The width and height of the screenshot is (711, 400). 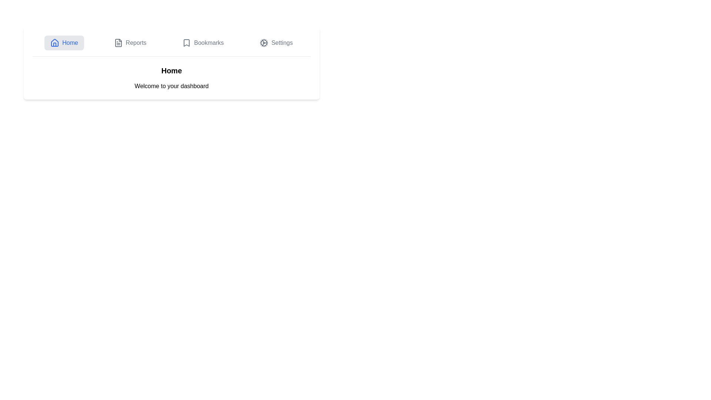 I want to click on the gray SVG icon styled as a document with text lines, which is located to the left of the 'Reports' text in the navigation bar, positioned second from the left, so click(x=118, y=43).